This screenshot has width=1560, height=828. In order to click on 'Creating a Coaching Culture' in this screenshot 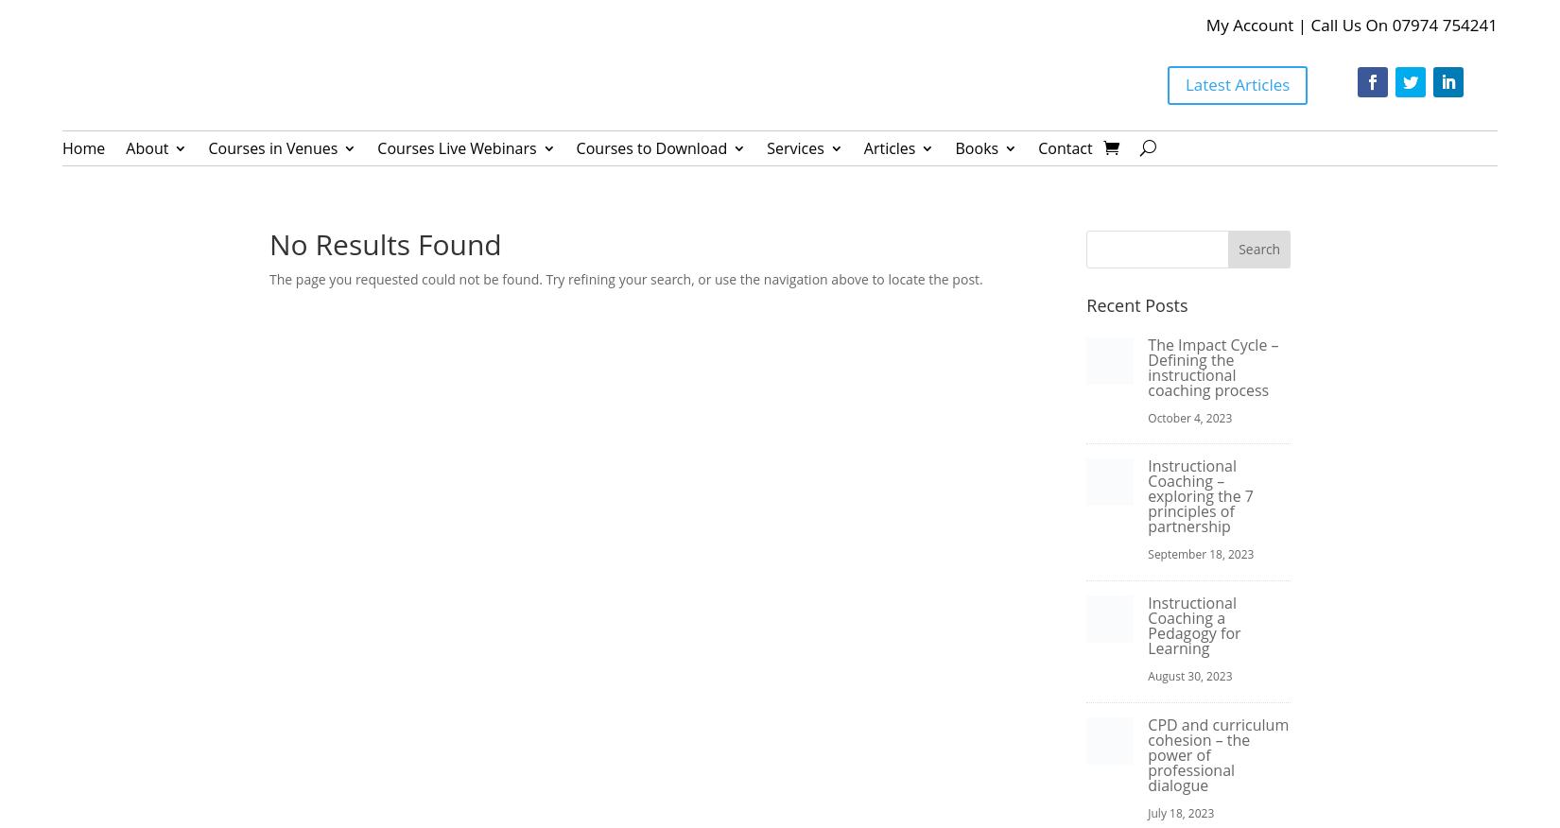, I will do `click(218, 251)`.